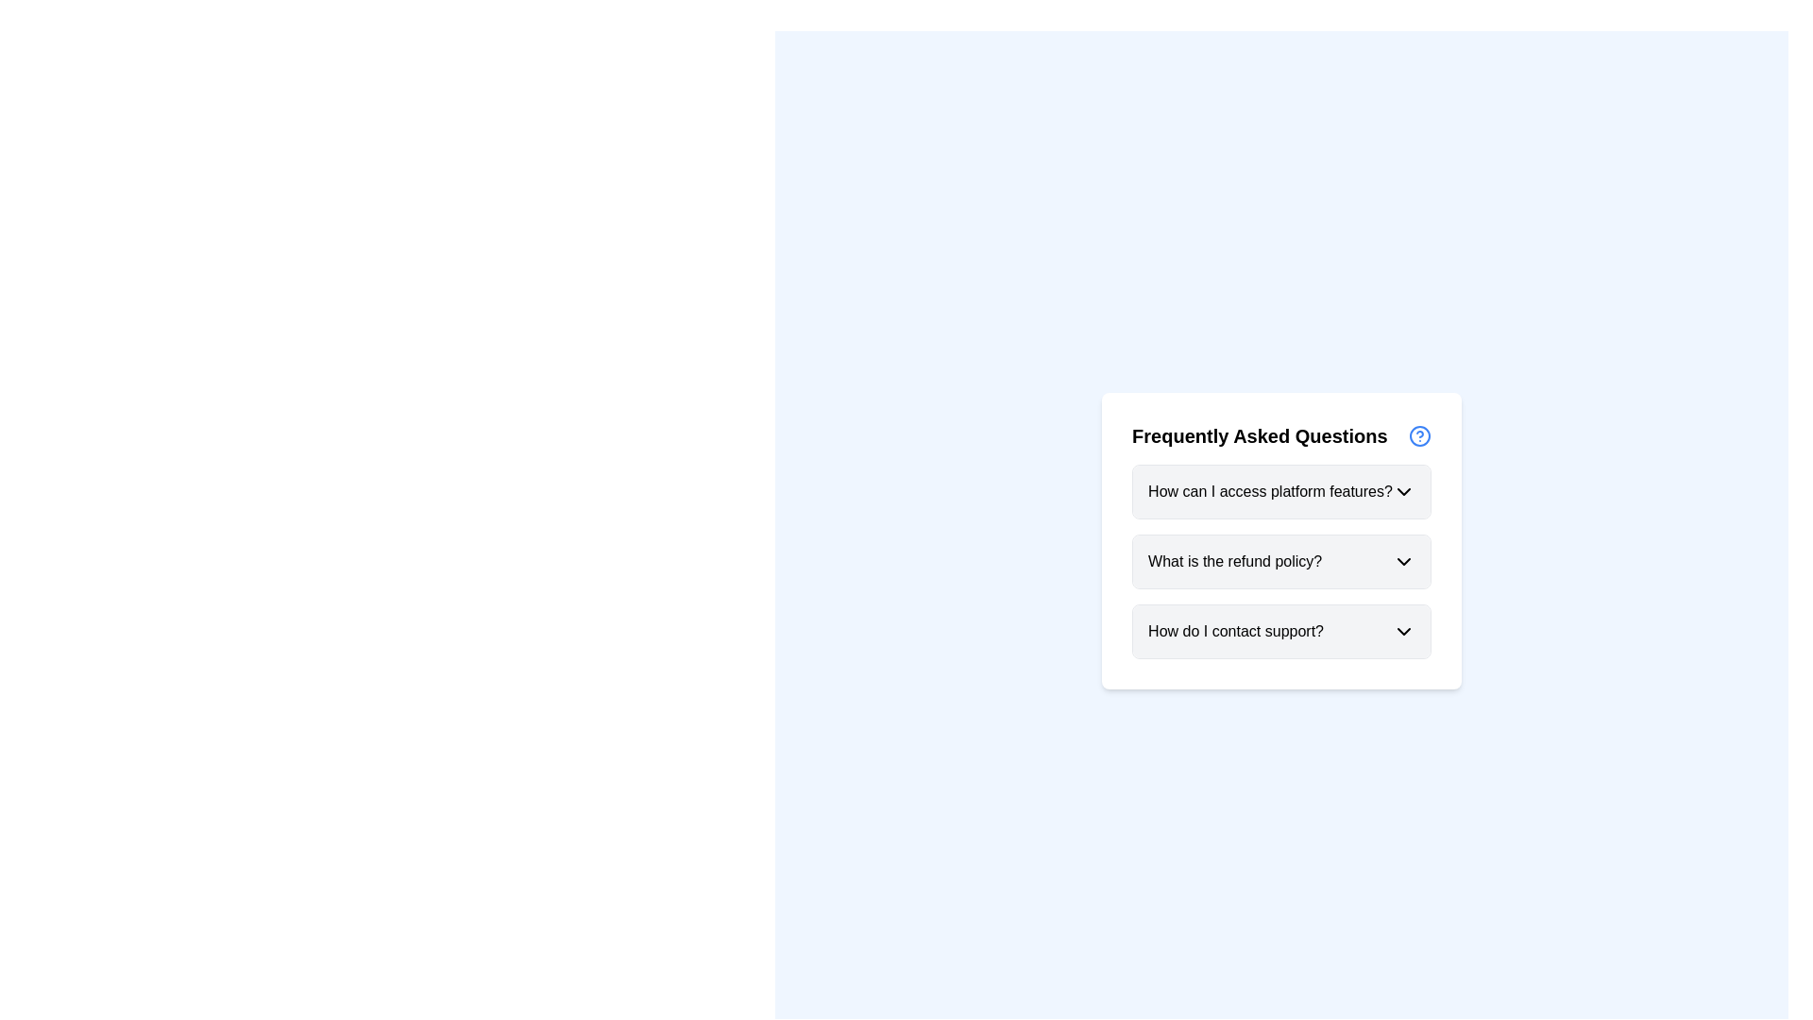 This screenshot has height=1020, width=1813. I want to click on the third collapsible menu item under the 'Frequently Asked Questions' section, so click(1281, 631).